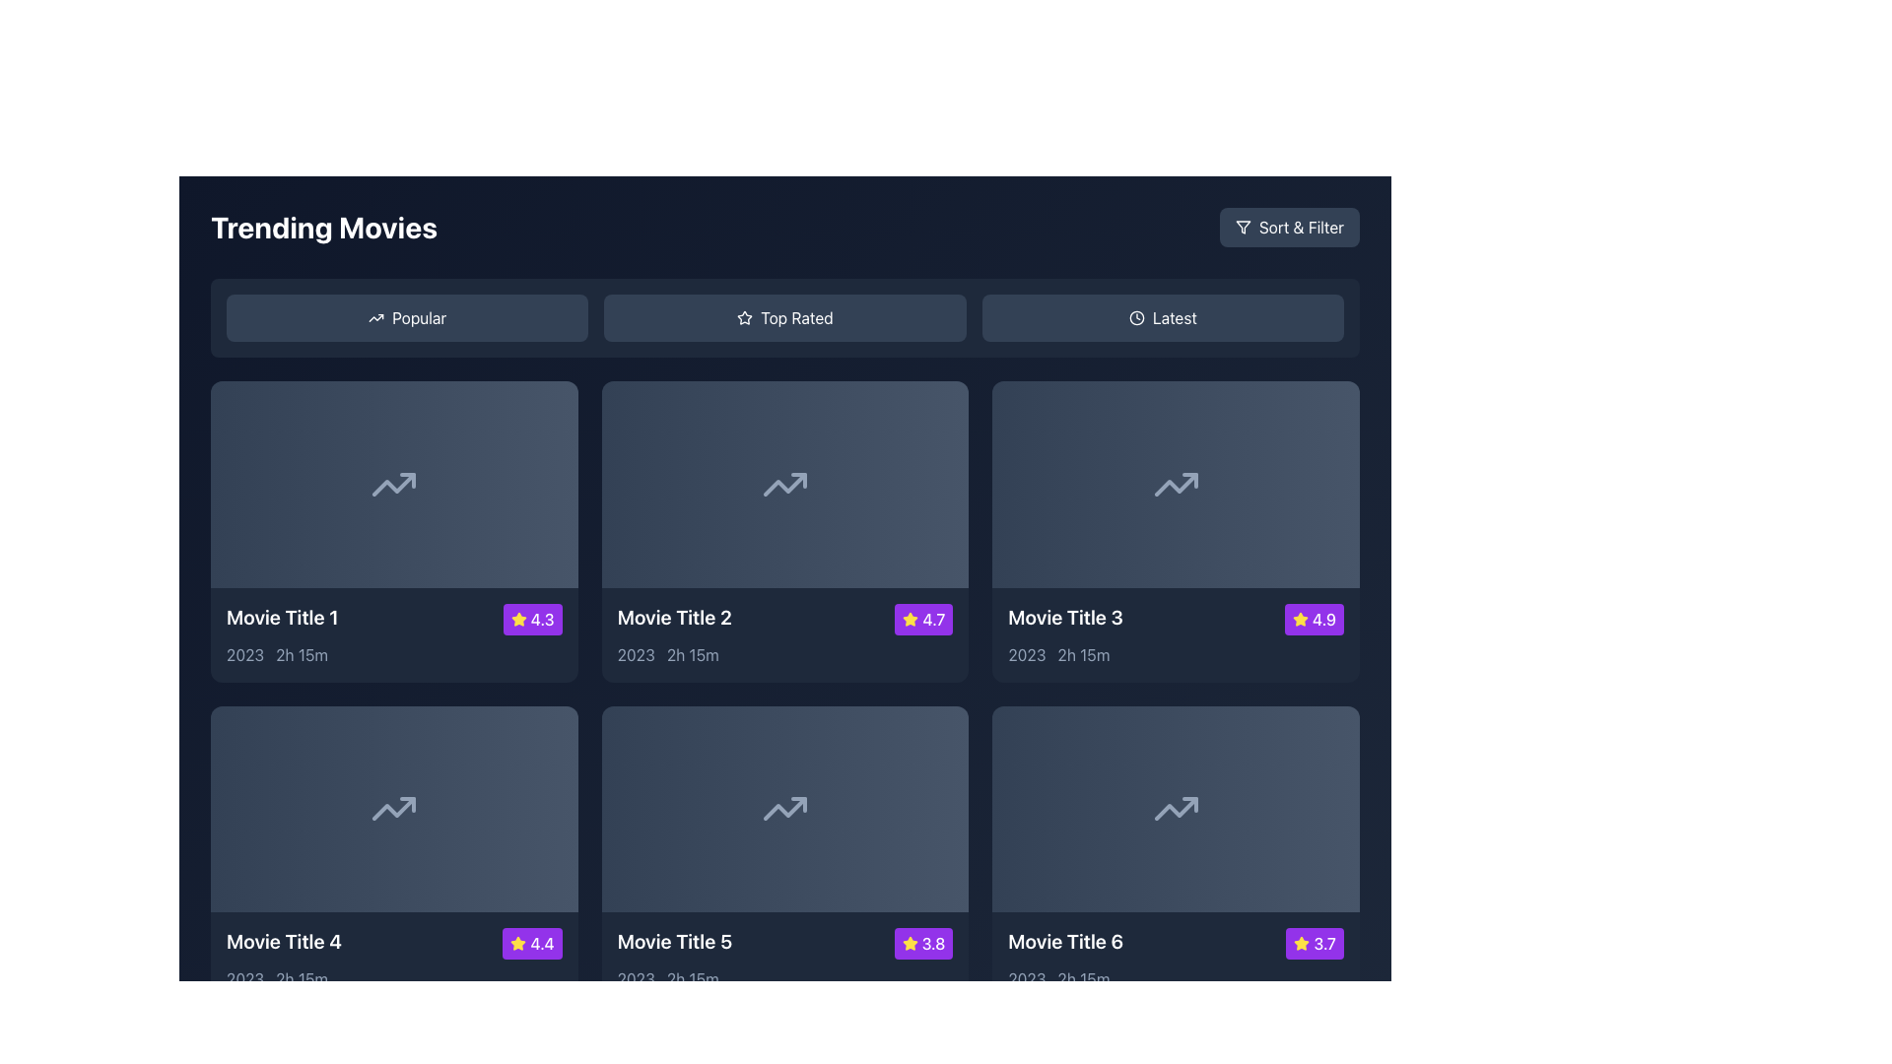  Describe the element at coordinates (394, 484) in the screenshot. I see `the trending icon indicating popularity for 'Movie Title 1' located at the top center of its panel in the 'Trending Movies' section` at that location.